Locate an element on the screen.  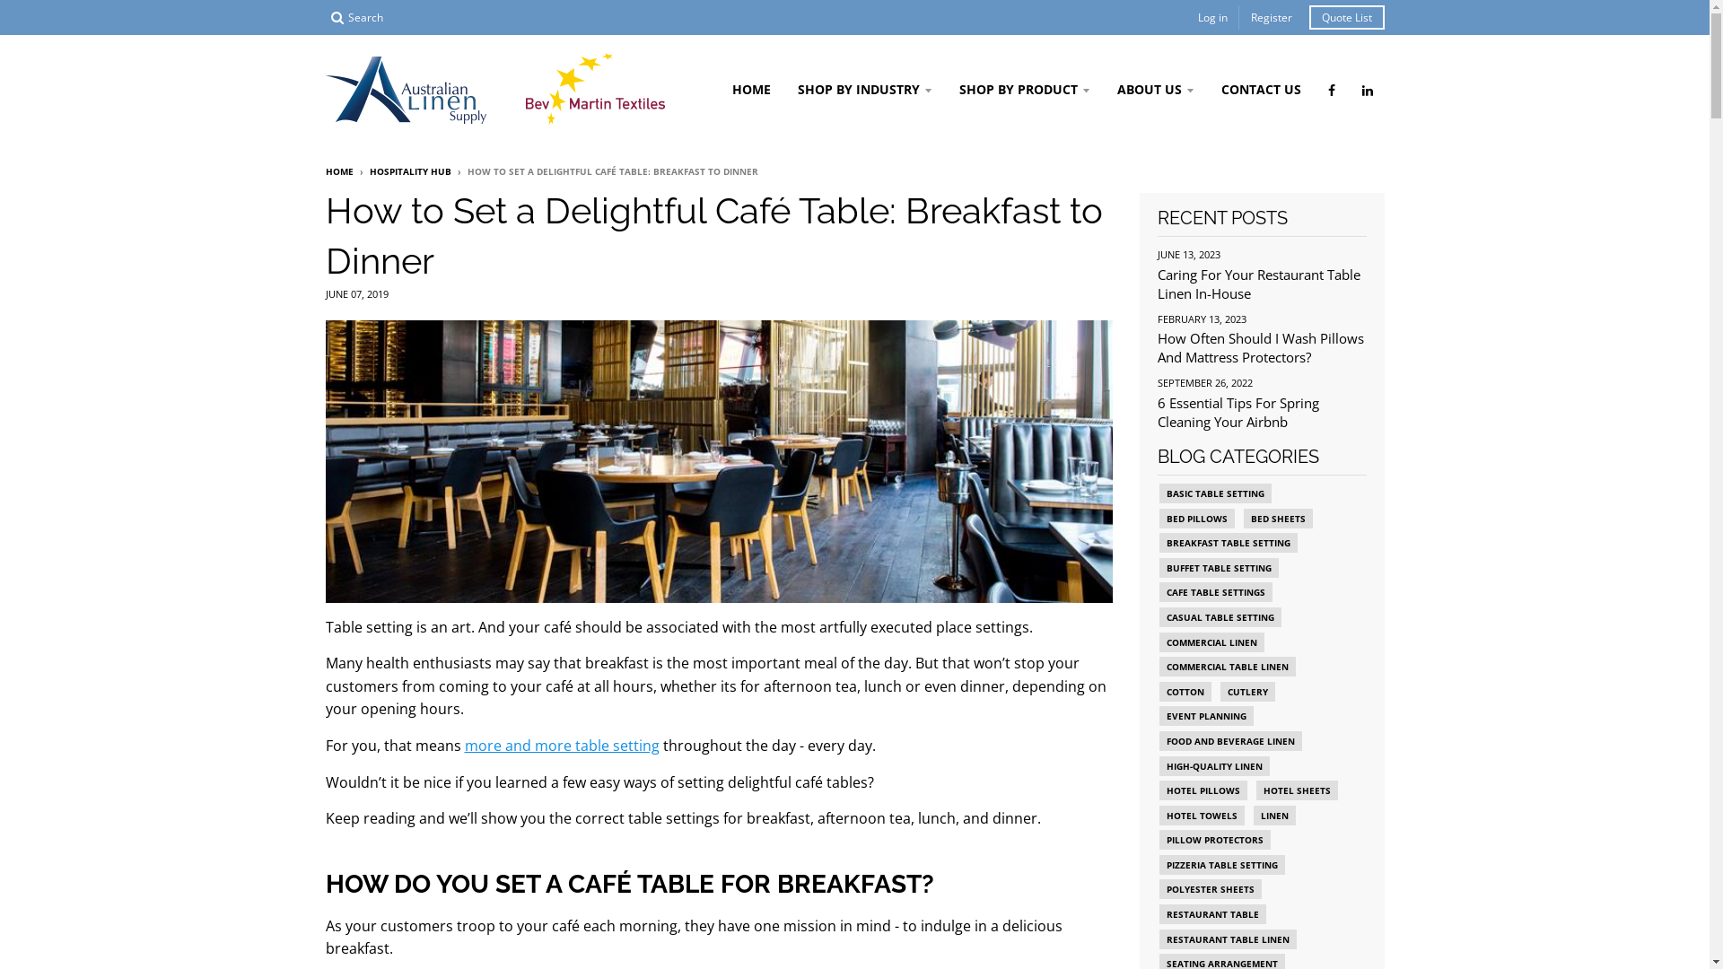
'Australian Linen Supply on Facebook' is located at coordinates (1331, 90).